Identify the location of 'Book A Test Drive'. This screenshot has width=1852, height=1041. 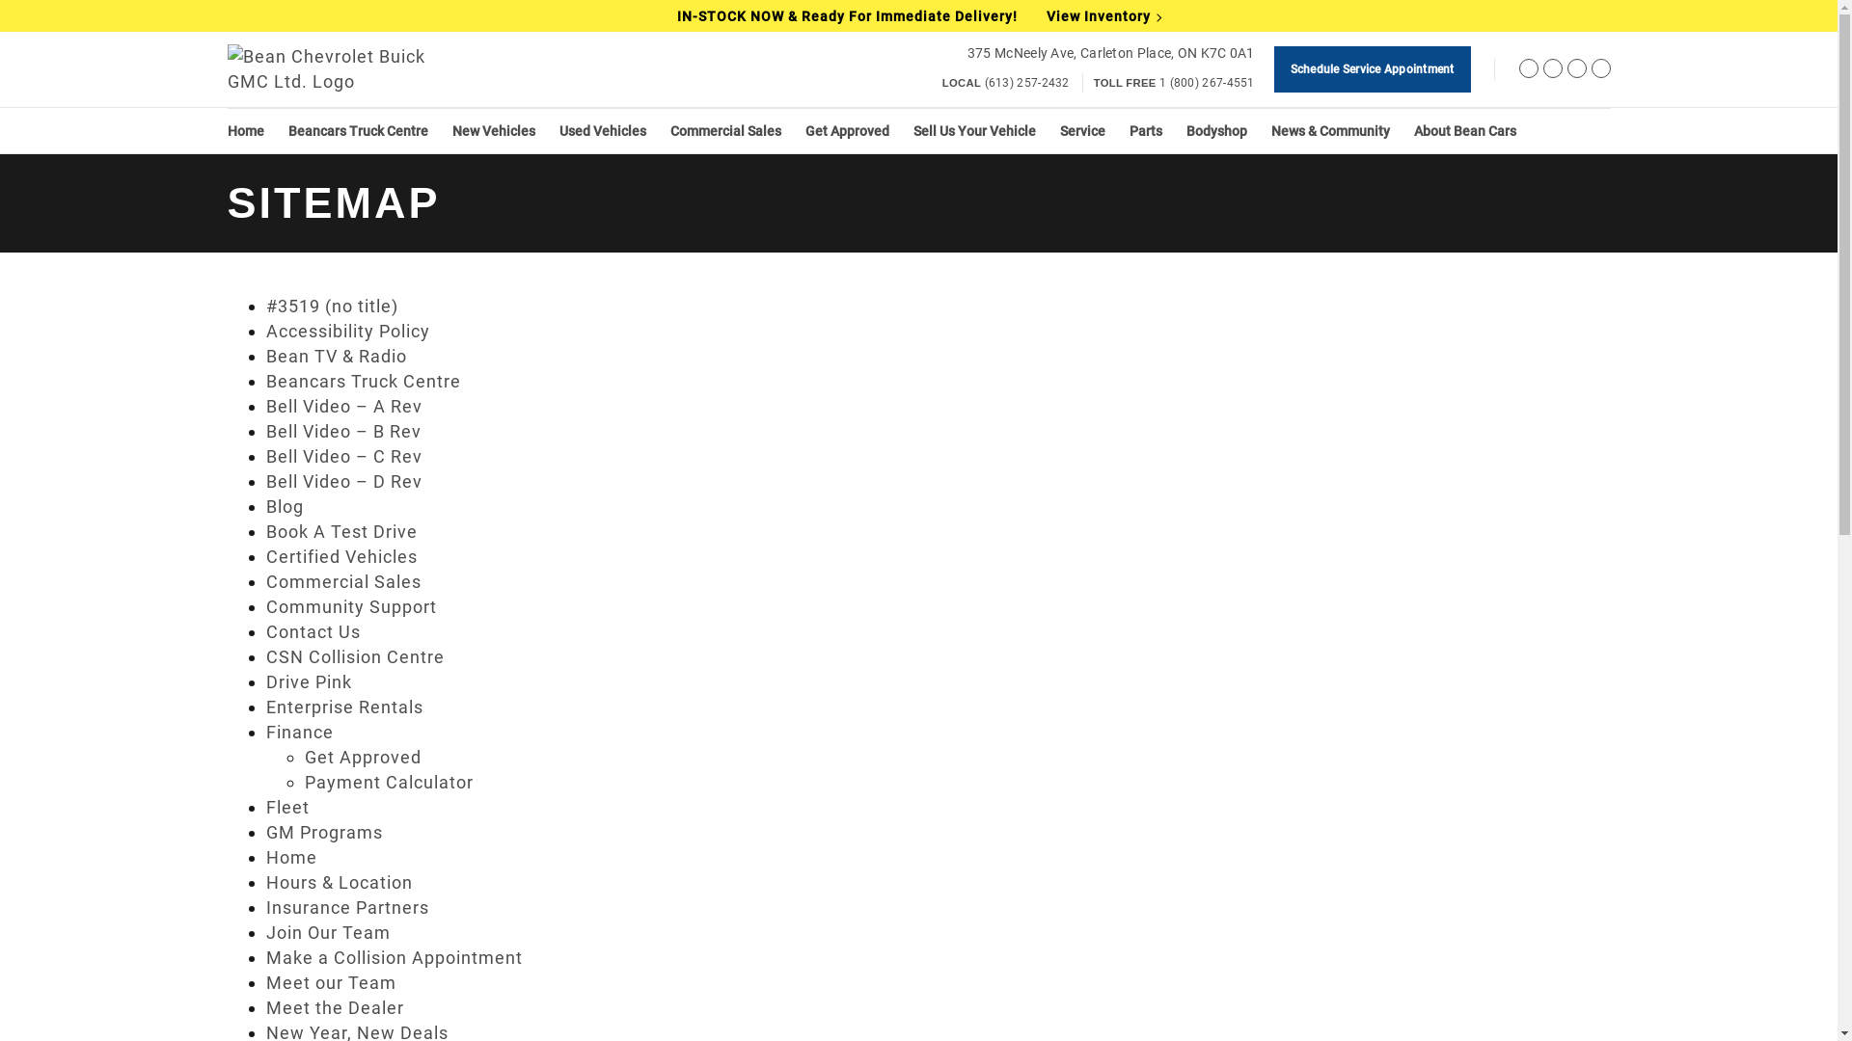
(341, 531).